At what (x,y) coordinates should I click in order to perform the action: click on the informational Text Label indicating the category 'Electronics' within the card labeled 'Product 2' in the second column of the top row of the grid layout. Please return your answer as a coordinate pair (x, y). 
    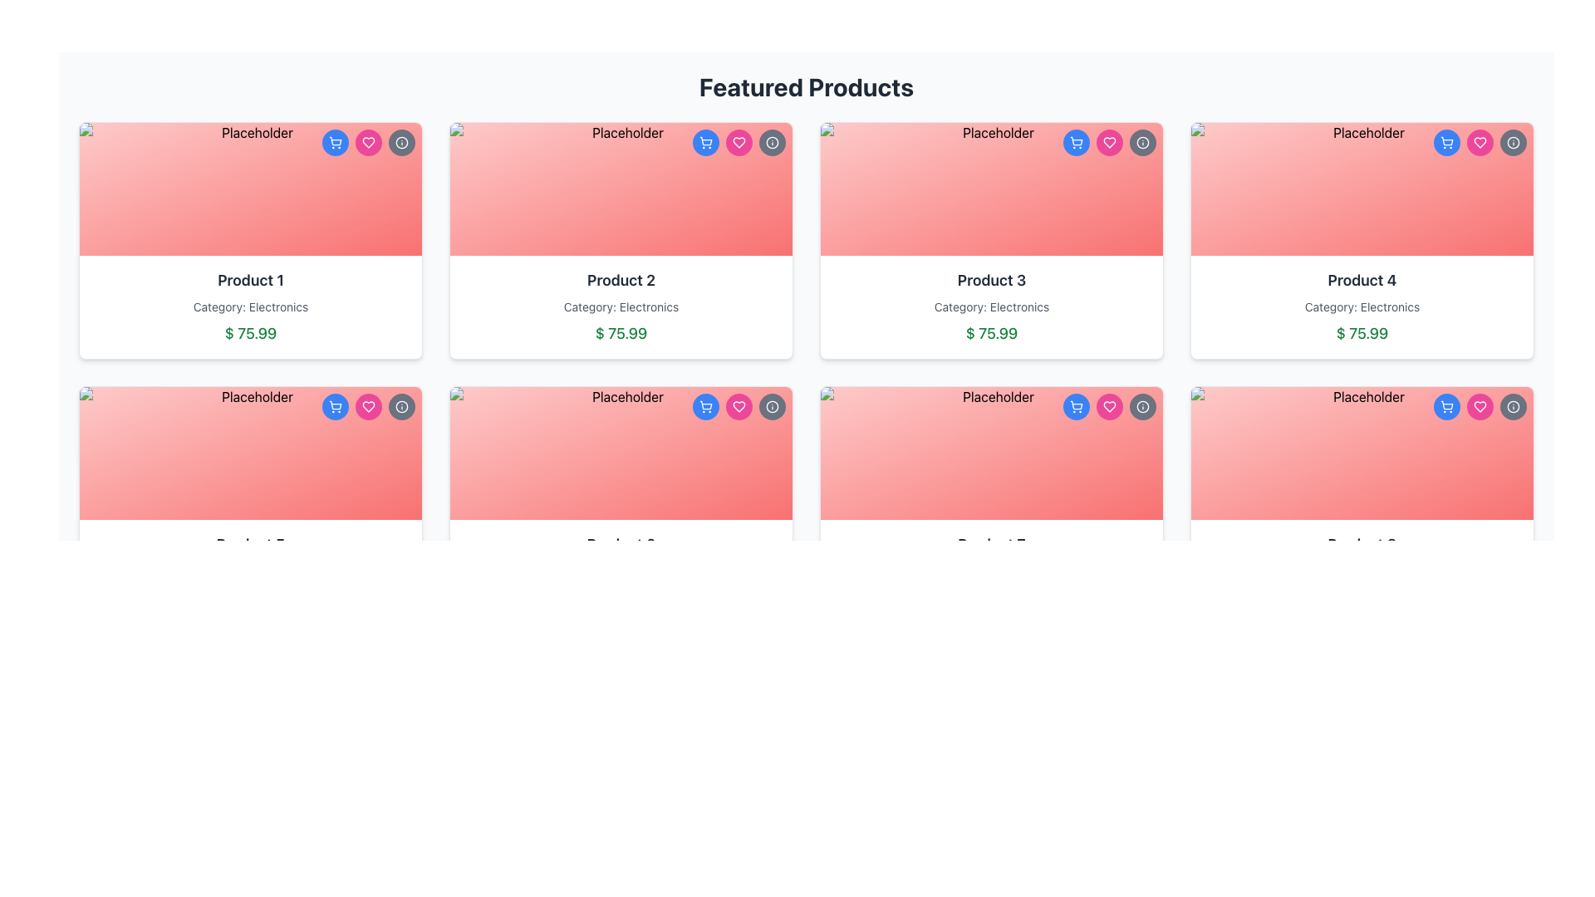
    Looking at the image, I should click on (621, 307).